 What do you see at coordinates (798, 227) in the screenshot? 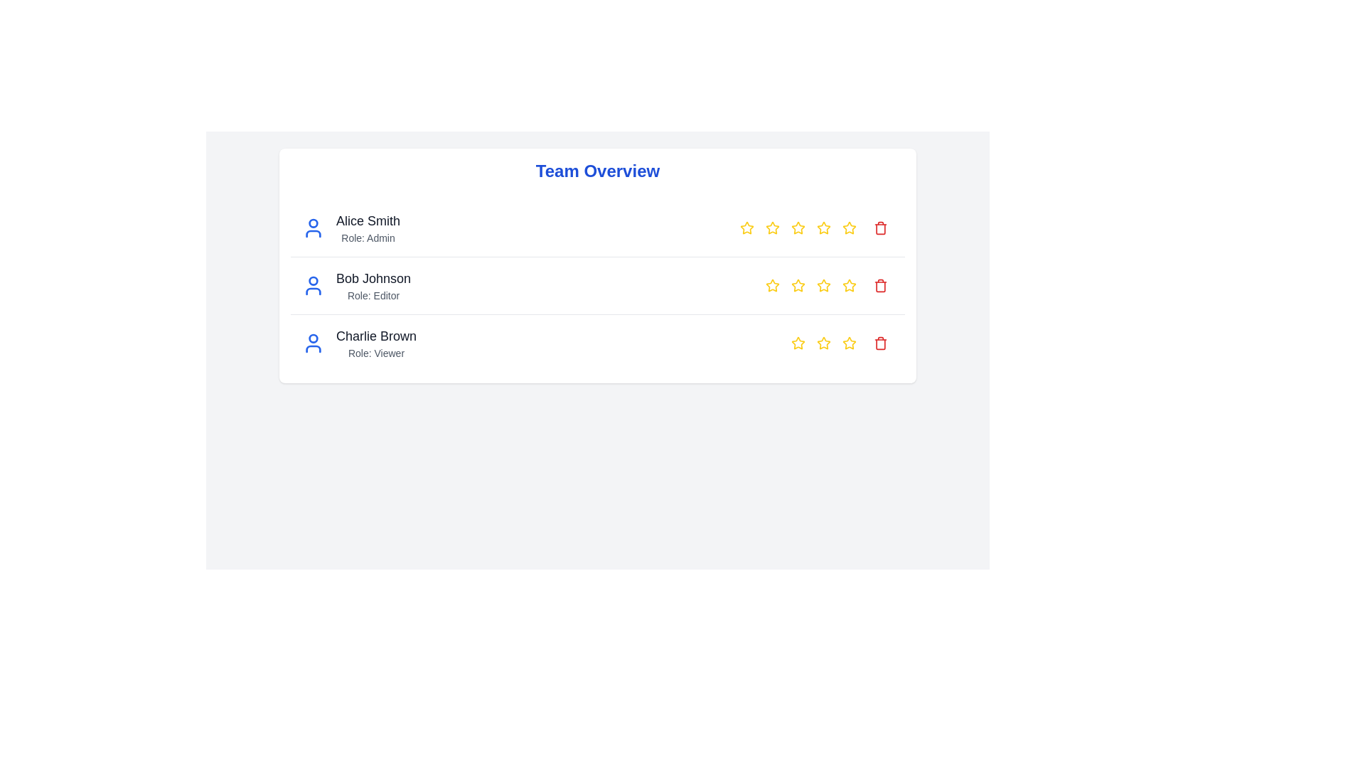
I see `the third star rating widget for 'Alice Smith' in the 'Team Overview' section` at bounding box center [798, 227].